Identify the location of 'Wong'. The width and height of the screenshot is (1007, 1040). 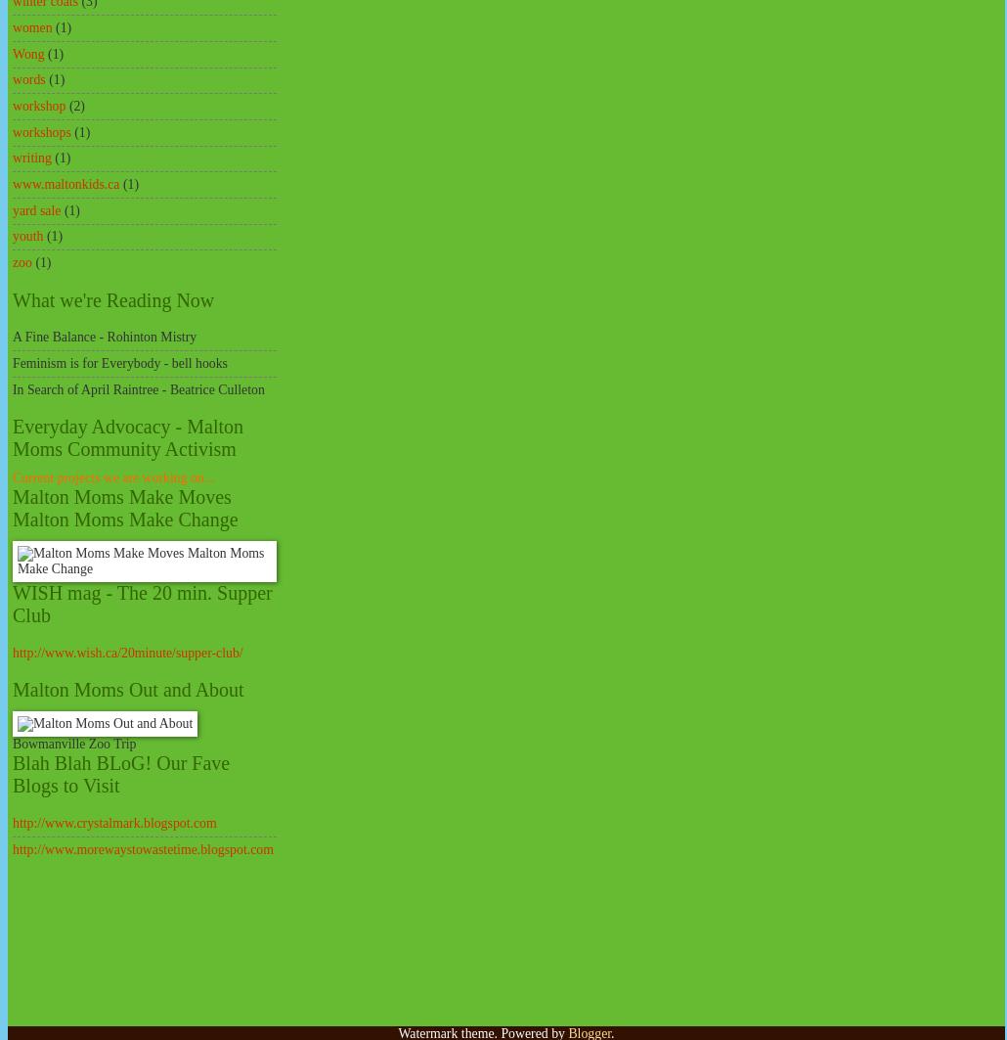
(28, 53).